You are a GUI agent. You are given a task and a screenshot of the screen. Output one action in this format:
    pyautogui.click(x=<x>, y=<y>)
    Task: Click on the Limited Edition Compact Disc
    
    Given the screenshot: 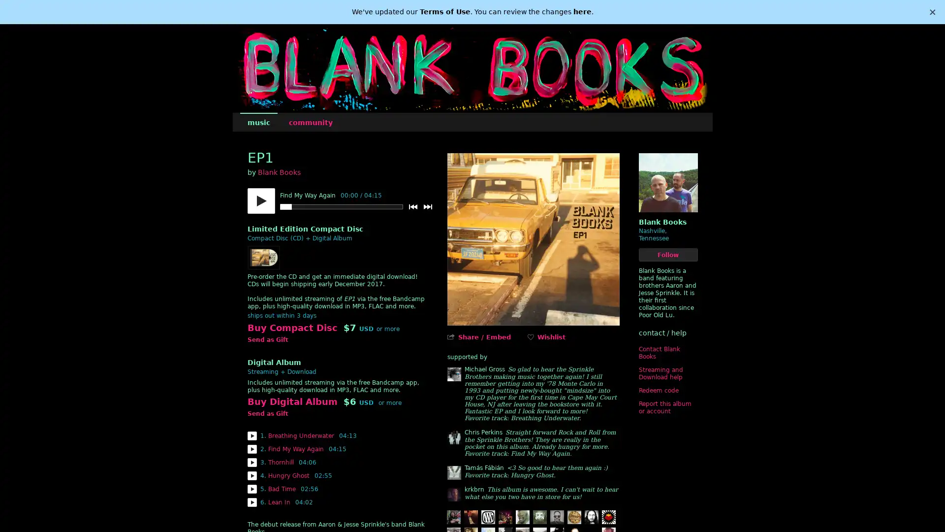 What is the action you would take?
    pyautogui.click(x=304, y=229)
    